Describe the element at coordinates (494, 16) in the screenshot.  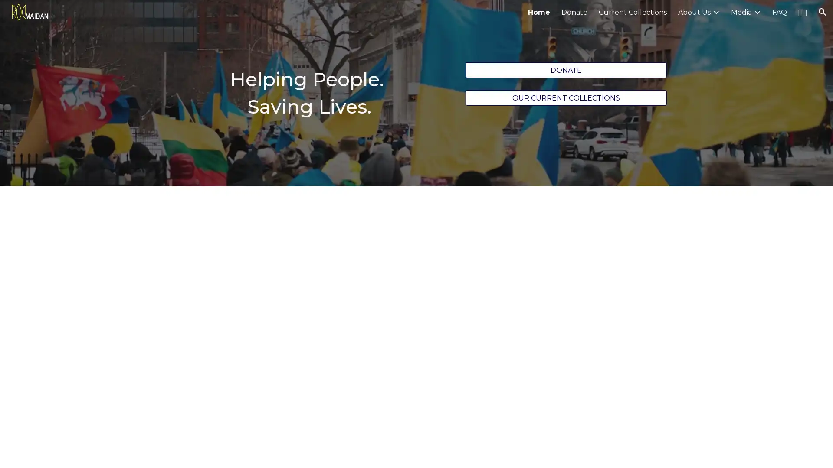
I see `Skip to navigation` at that location.